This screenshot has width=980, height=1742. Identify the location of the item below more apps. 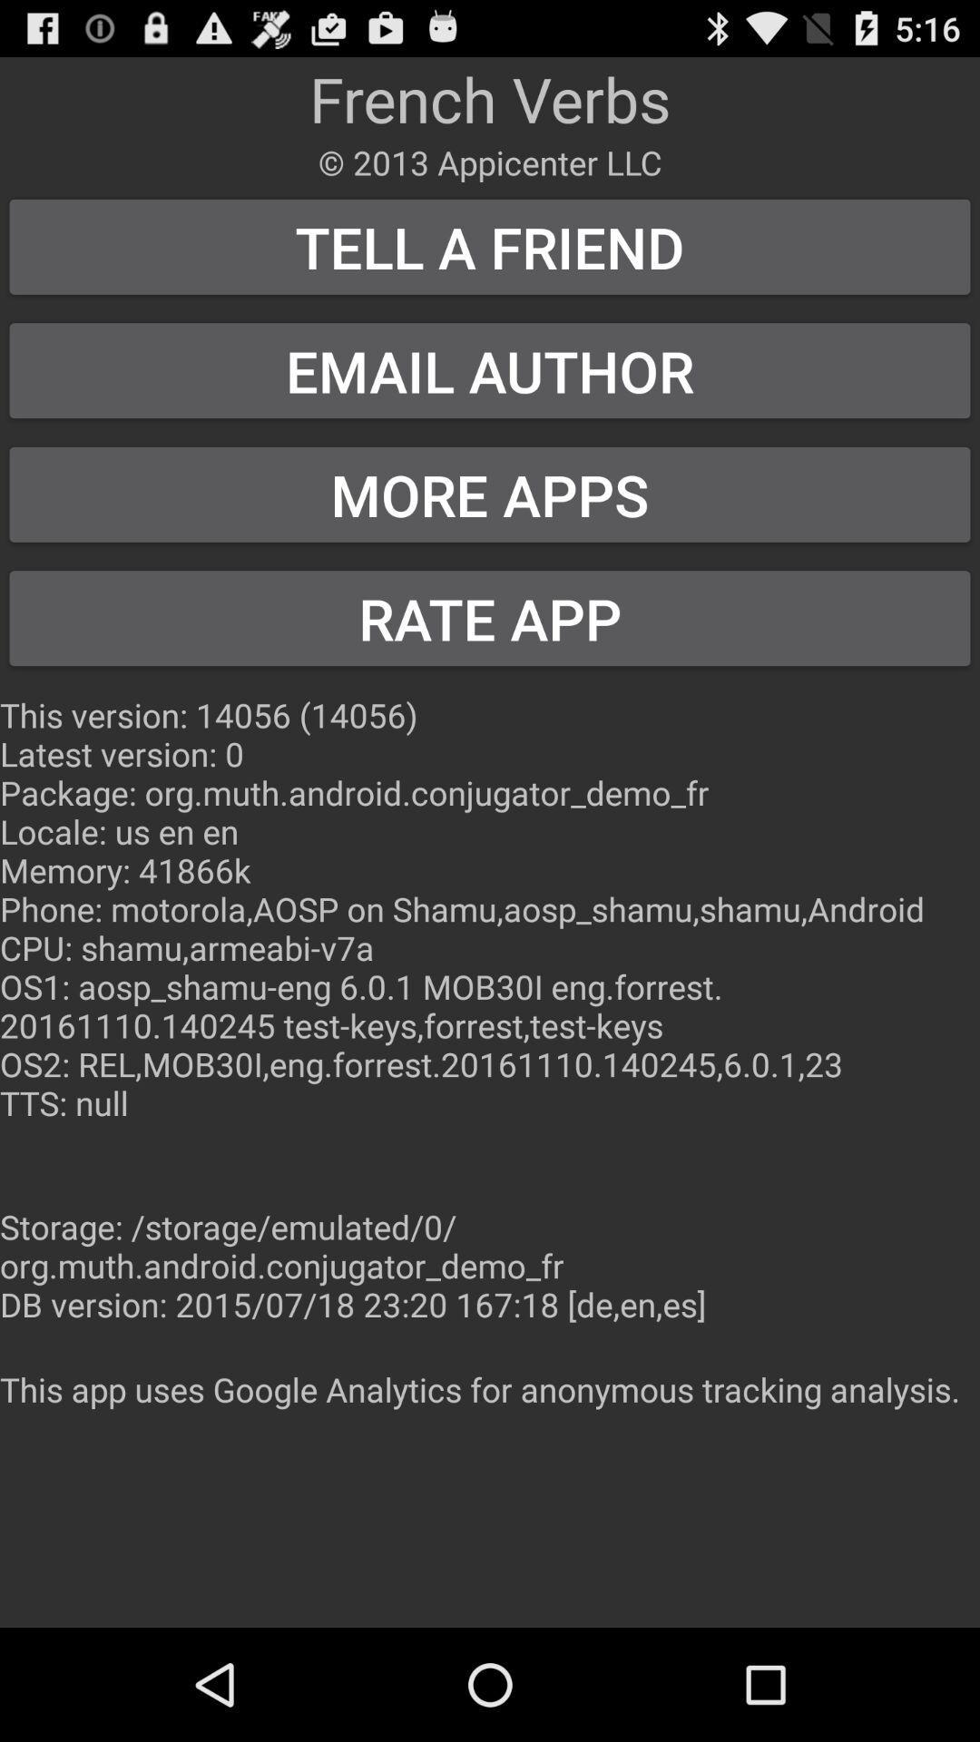
(490, 618).